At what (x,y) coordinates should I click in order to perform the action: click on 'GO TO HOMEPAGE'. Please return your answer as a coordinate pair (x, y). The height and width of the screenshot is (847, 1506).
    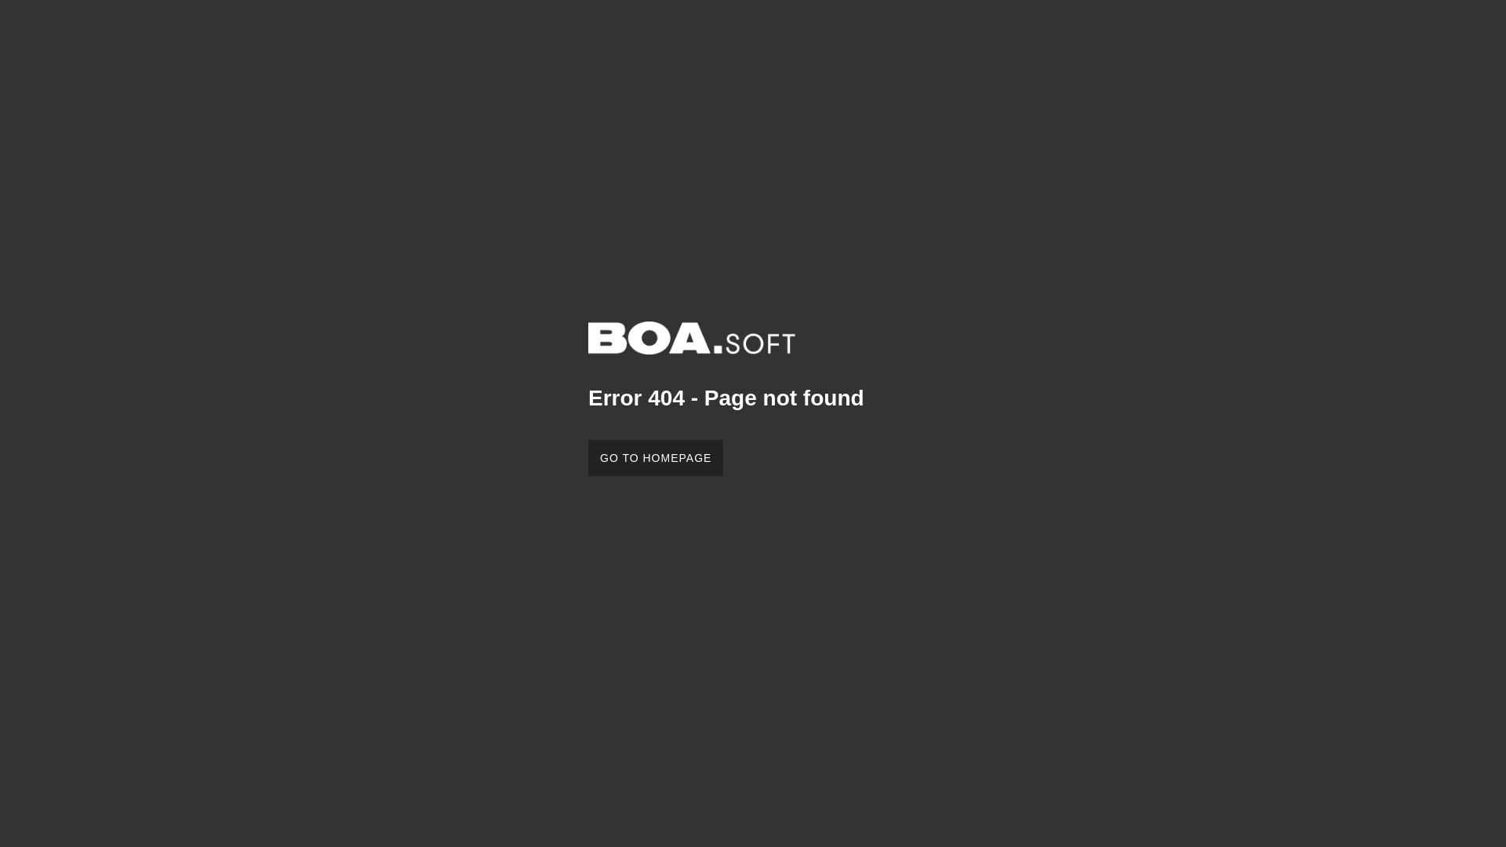
    Looking at the image, I should click on (655, 457).